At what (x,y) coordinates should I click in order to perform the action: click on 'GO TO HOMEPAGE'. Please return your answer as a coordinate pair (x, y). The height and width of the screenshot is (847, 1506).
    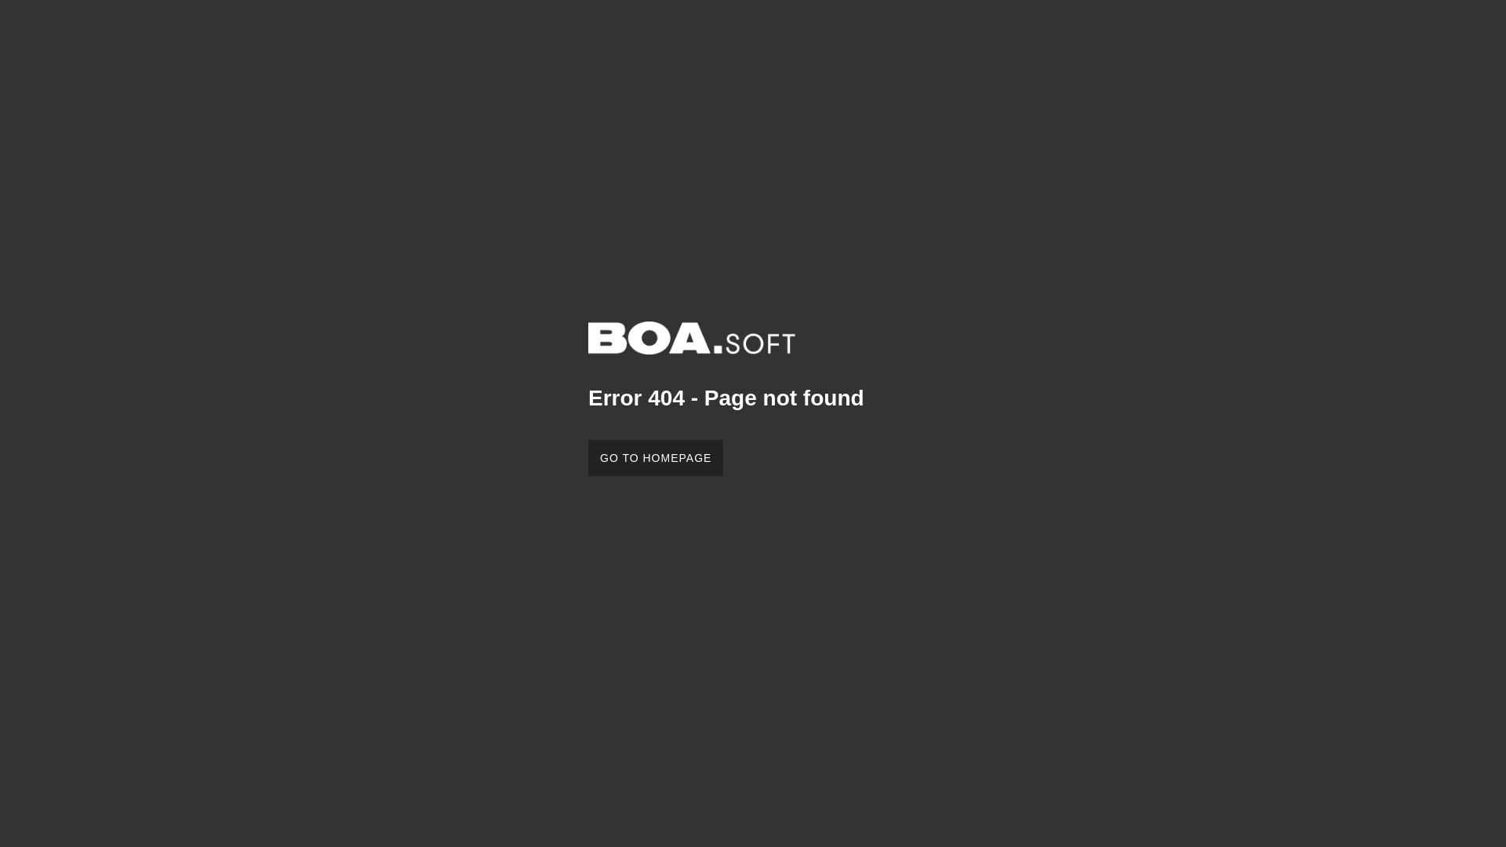
    Looking at the image, I should click on (655, 457).